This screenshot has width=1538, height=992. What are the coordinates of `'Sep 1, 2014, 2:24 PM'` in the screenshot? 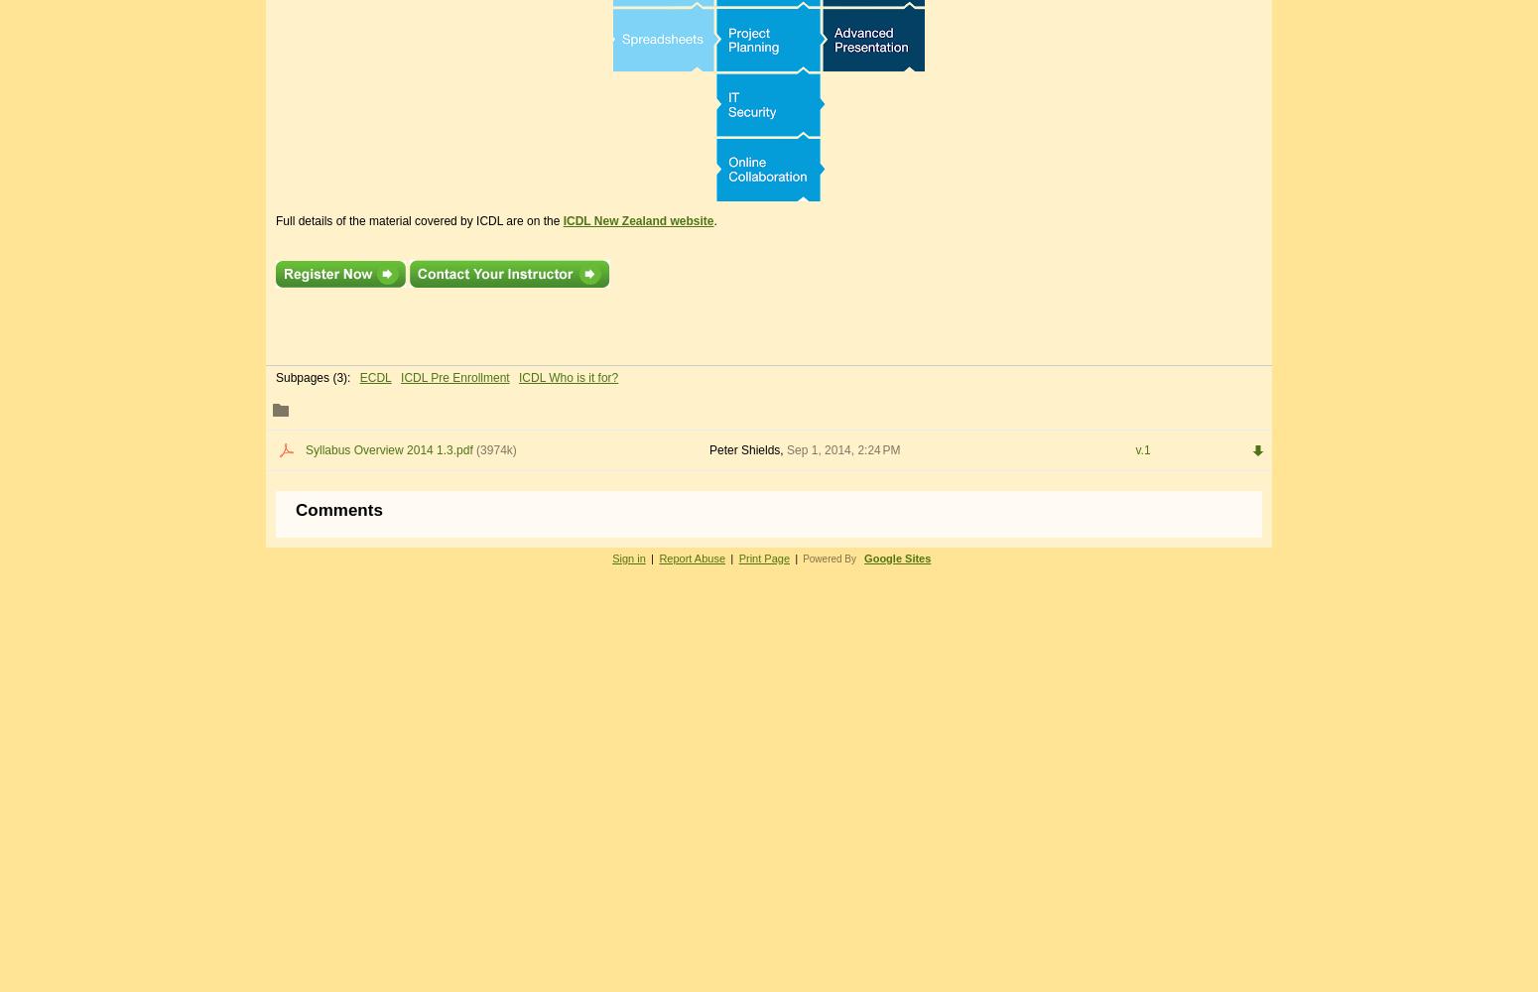 It's located at (785, 448).